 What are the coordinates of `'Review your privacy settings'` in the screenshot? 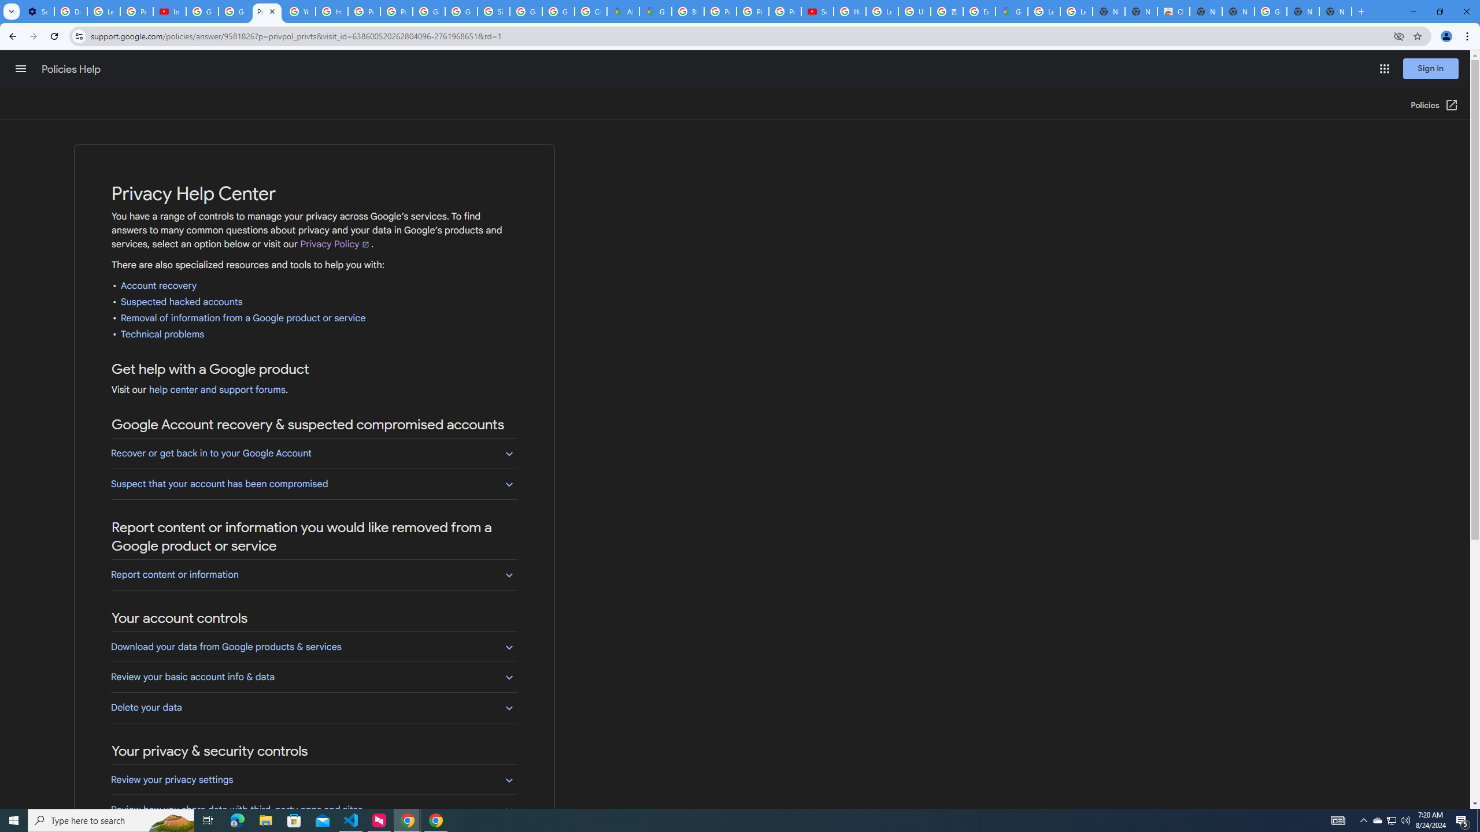 It's located at (313, 779).